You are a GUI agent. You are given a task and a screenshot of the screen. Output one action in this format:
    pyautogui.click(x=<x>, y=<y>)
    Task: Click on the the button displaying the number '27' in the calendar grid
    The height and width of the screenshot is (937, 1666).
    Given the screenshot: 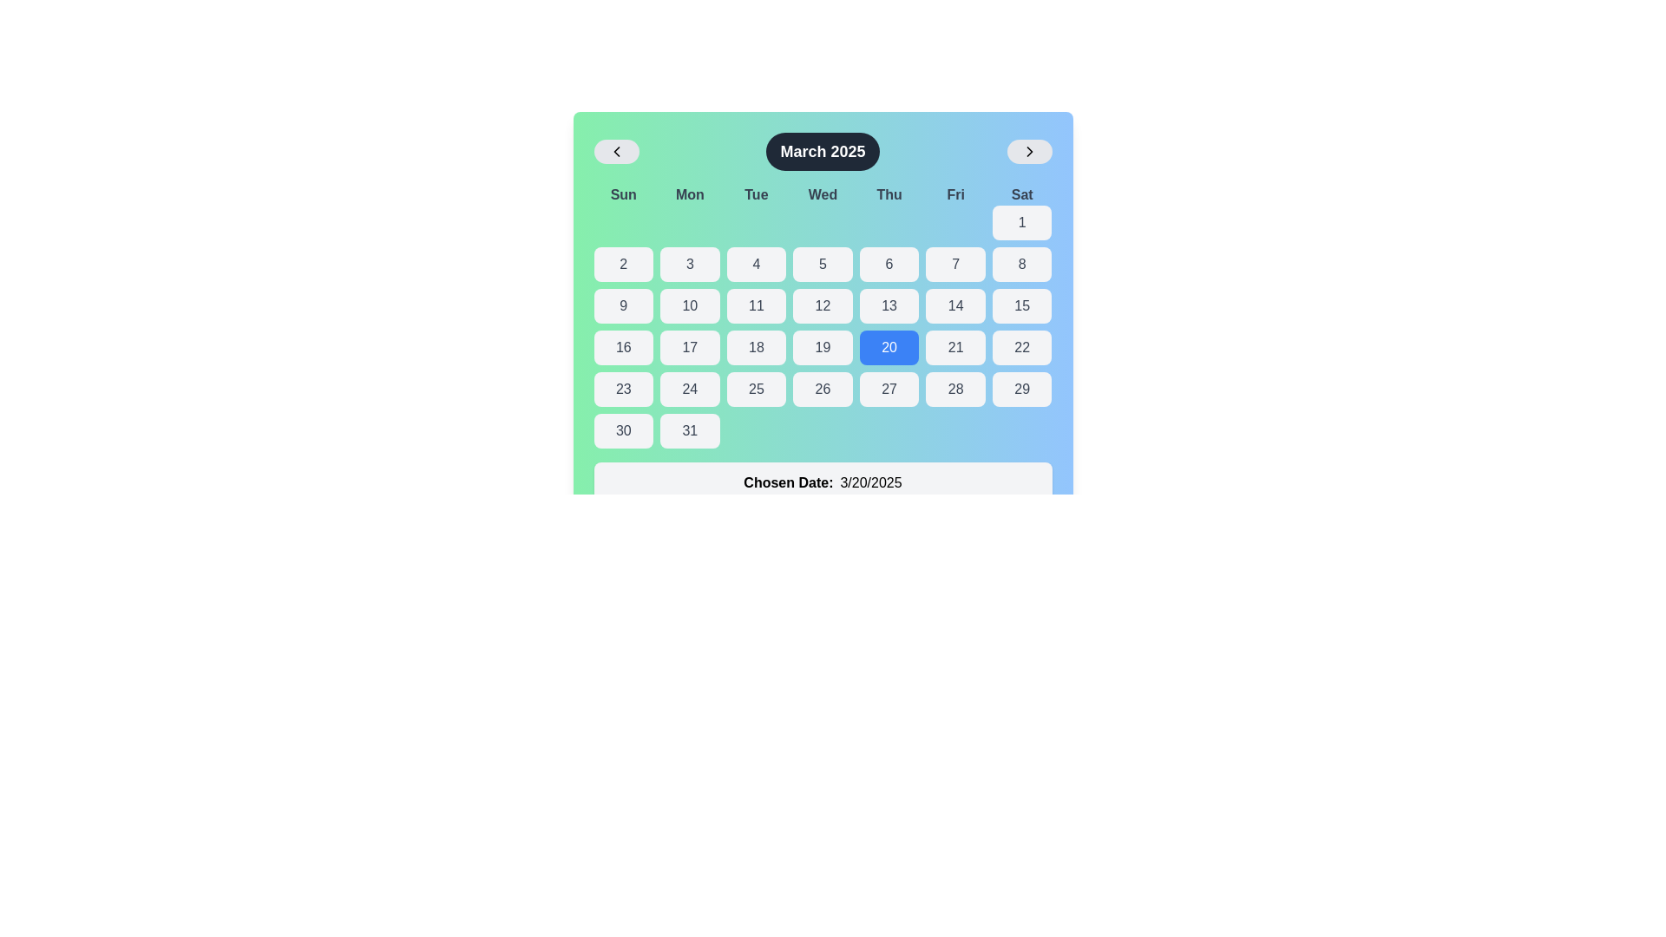 What is the action you would take?
    pyautogui.click(x=889, y=388)
    